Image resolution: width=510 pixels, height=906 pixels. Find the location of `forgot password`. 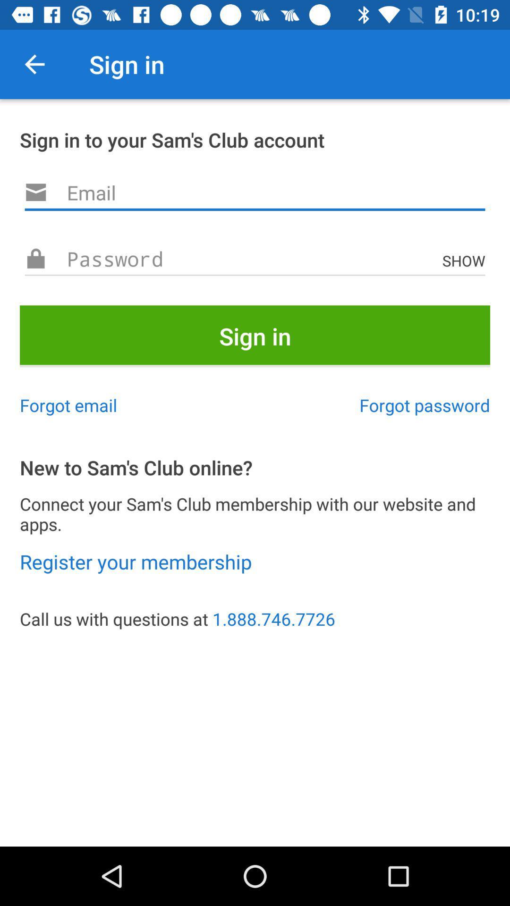

forgot password is located at coordinates (424, 405).